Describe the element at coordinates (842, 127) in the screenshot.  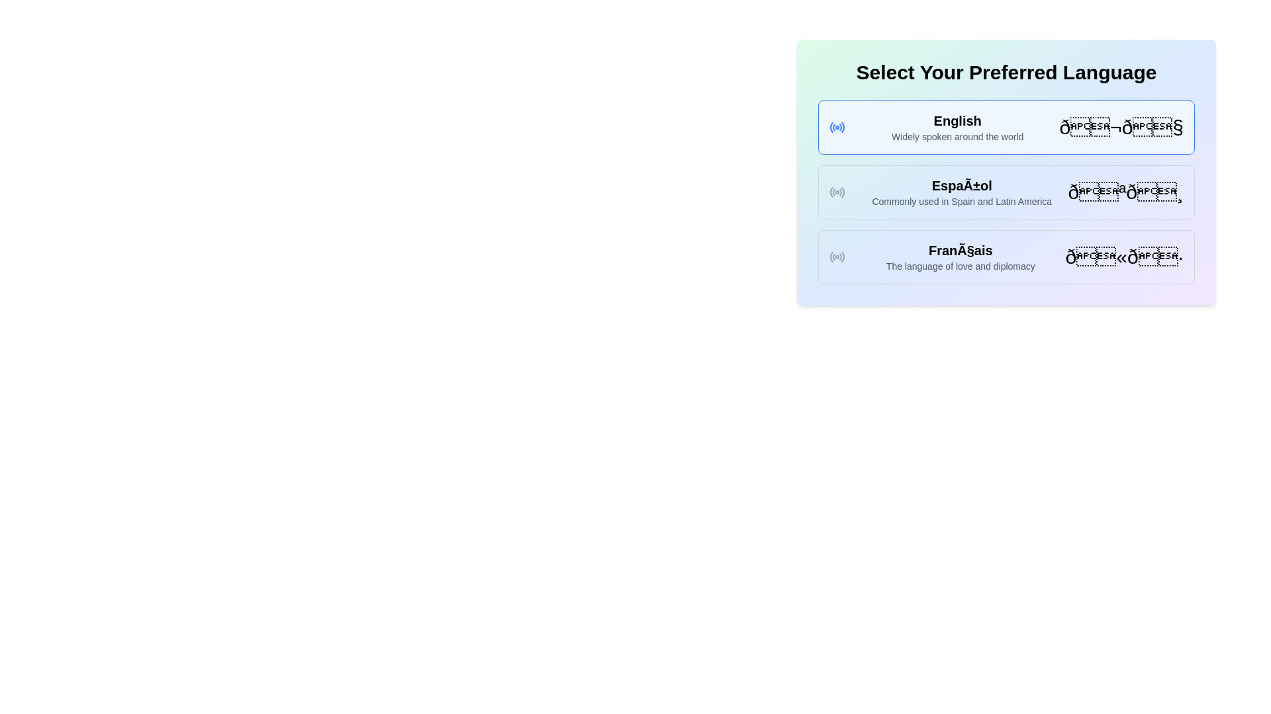
I see `the outermost arc segment of the circular icon representing the 'English' selection option` at that location.